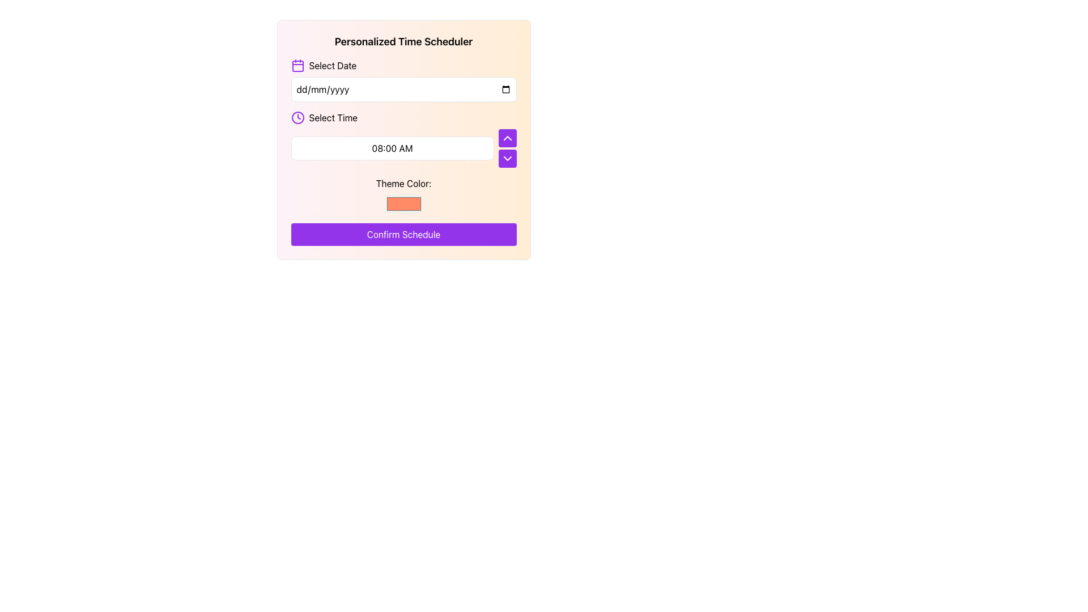 This screenshot has width=1088, height=612. I want to click on the Color Picker element located below the 'Select Time' section and above the 'Confirm Schedule' purple button, so click(403, 194).